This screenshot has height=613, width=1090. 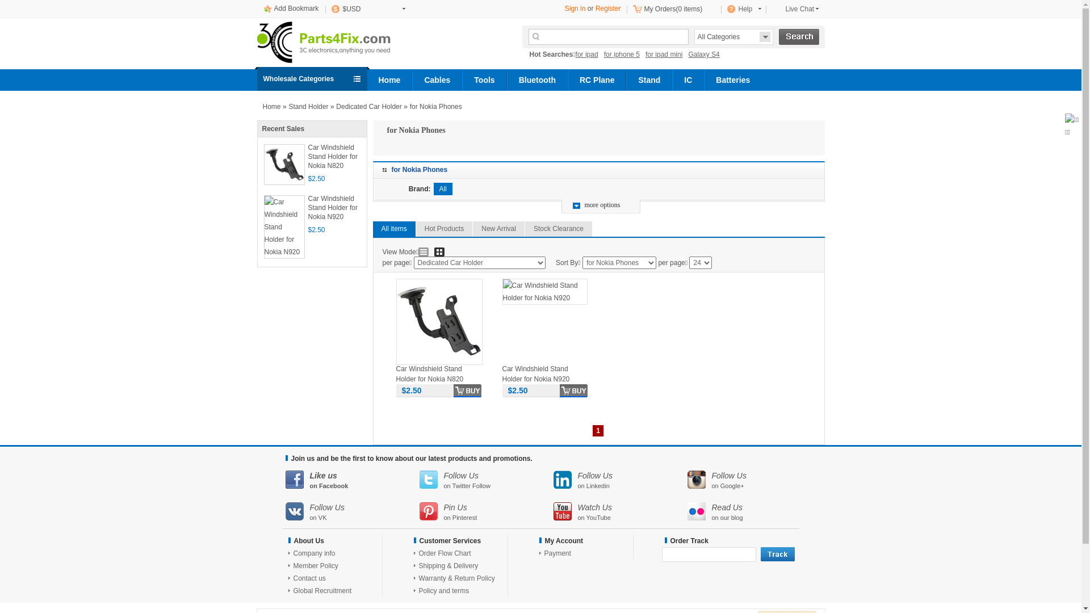 I want to click on 'Global Recruitment', so click(x=321, y=590).